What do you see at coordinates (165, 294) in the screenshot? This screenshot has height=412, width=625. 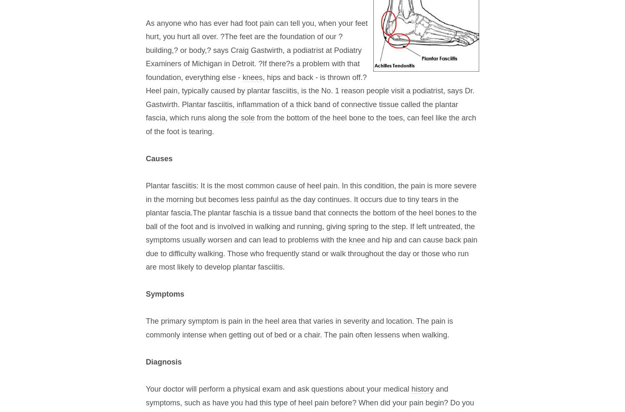 I see `'Symptoms'` at bounding box center [165, 294].